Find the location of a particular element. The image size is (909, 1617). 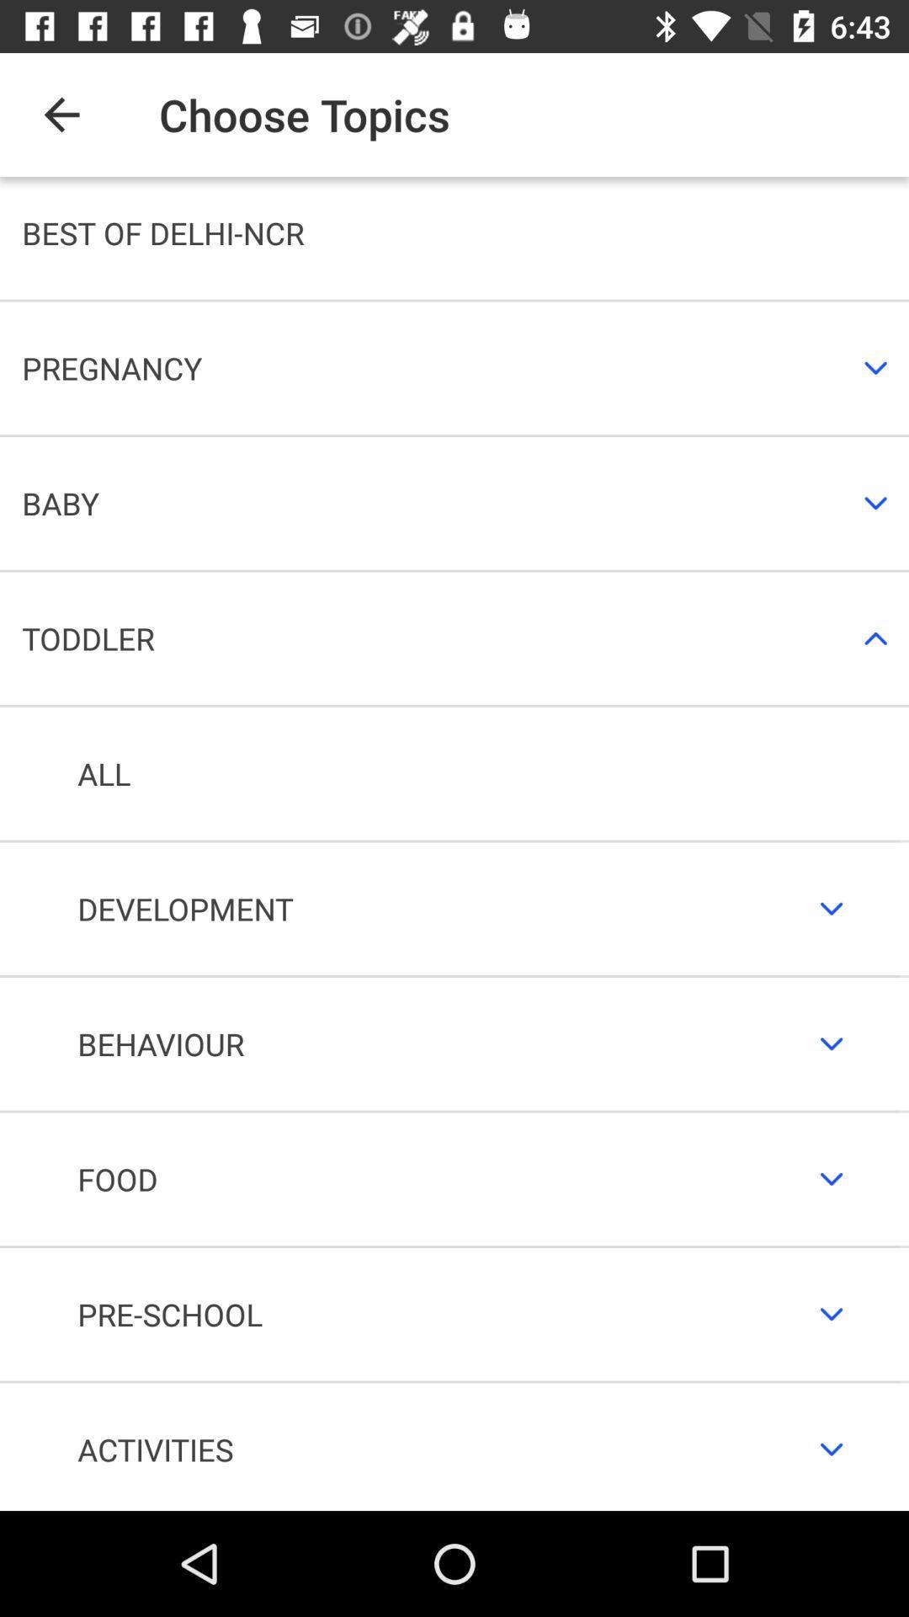

icon above best of delhi item is located at coordinates (61, 114).